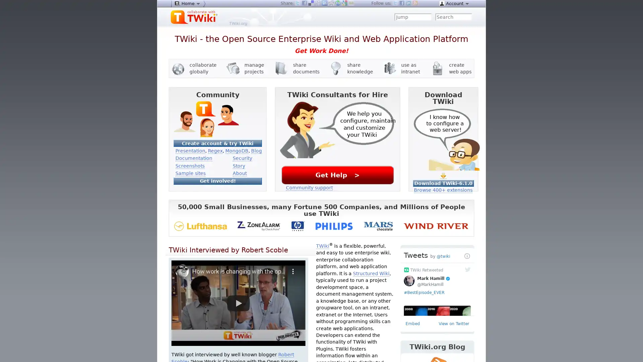 The height and width of the screenshot is (362, 643). What do you see at coordinates (443, 183) in the screenshot?
I see `Download TWiki-6.1.0` at bounding box center [443, 183].